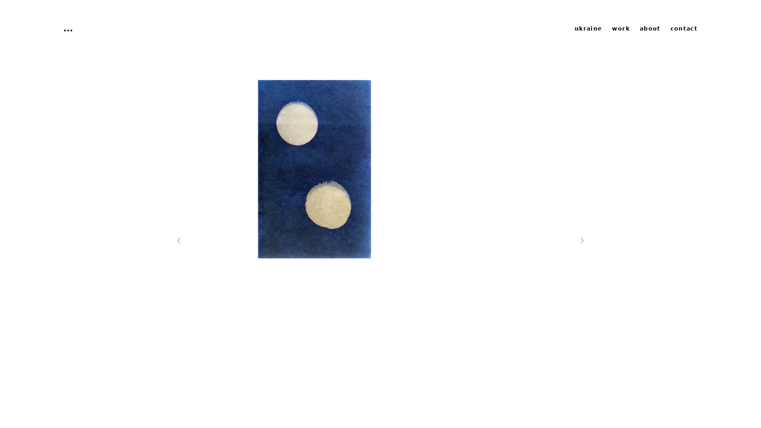  What do you see at coordinates (178, 240) in the screenshot?
I see `Vorherige Folie` at bounding box center [178, 240].